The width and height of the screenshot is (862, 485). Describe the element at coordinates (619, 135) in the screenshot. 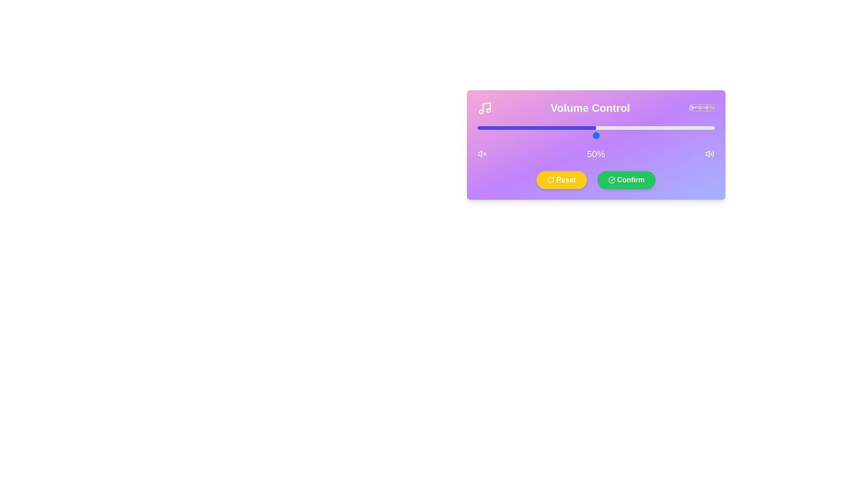

I see `the slider` at that location.